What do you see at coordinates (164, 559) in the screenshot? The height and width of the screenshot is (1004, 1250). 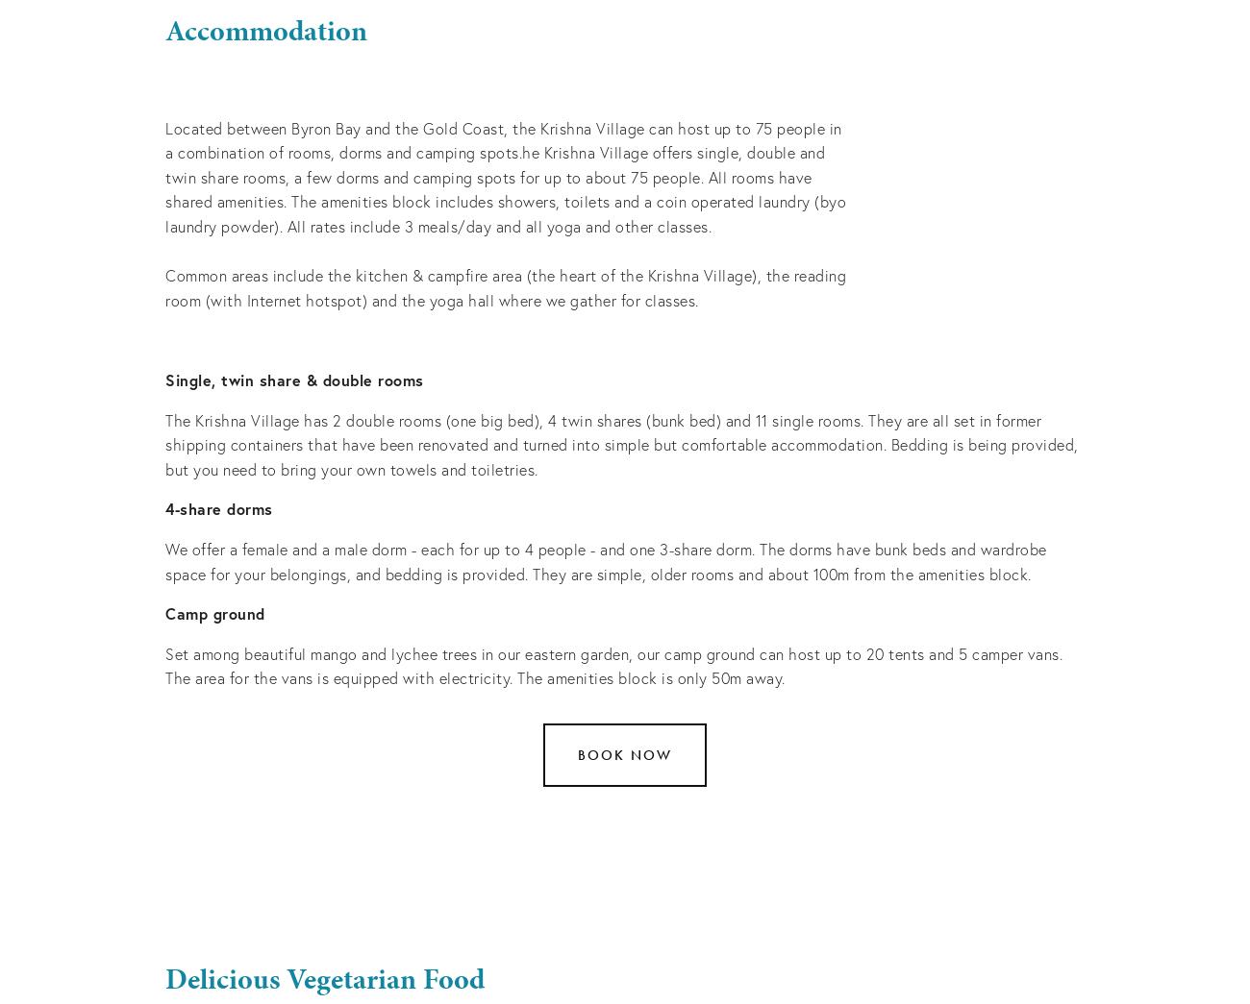 I see `'We offer a female and a male dorm - each for up to 4 people - and one 3-share dorm. The dorms have bunk beds and wardrobe space for your belongings, and bedding is provided. They are simple, older rooms and about 100m from the amenities block.'` at bounding box center [164, 559].